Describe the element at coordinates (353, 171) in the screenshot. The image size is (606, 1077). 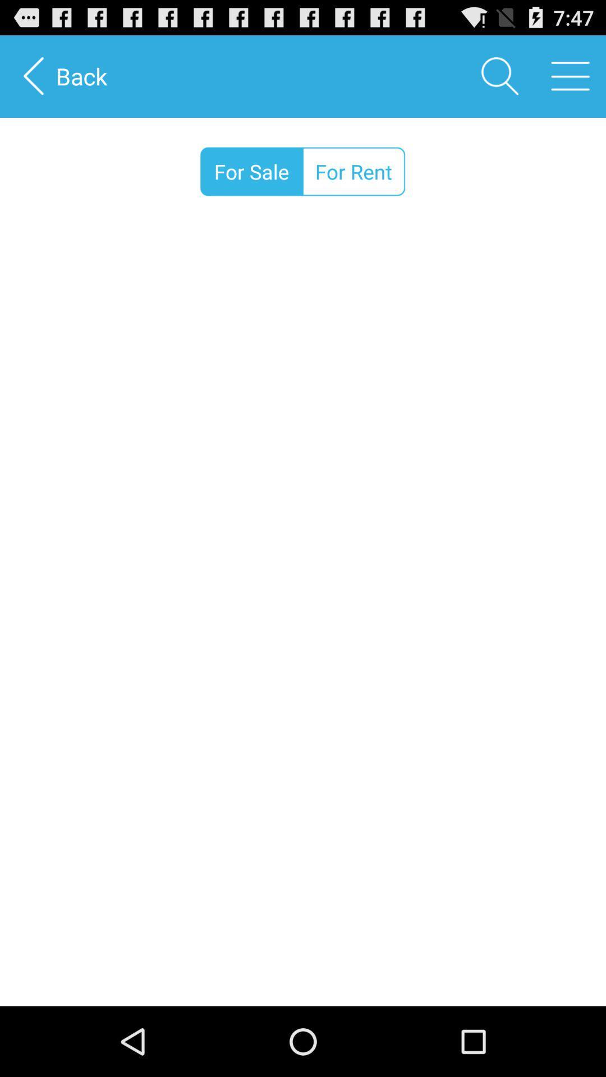
I see `the icon next to the for sale icon` at that location.